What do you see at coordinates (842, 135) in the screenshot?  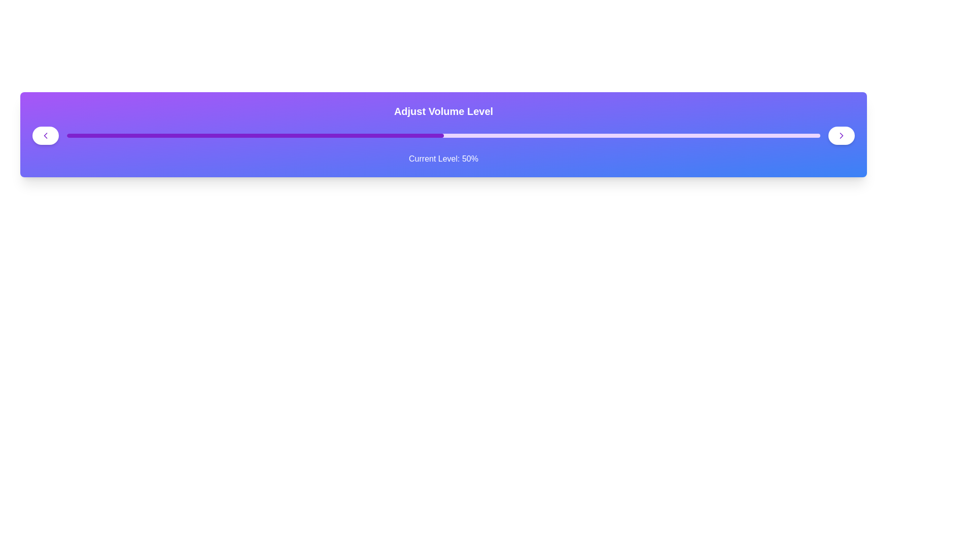 I see `the keyboard interaction on the rounded white button with a purple right-facing arrow icon, located at the far right side of the horizontal group of controls` at bounding box center [842, 135].